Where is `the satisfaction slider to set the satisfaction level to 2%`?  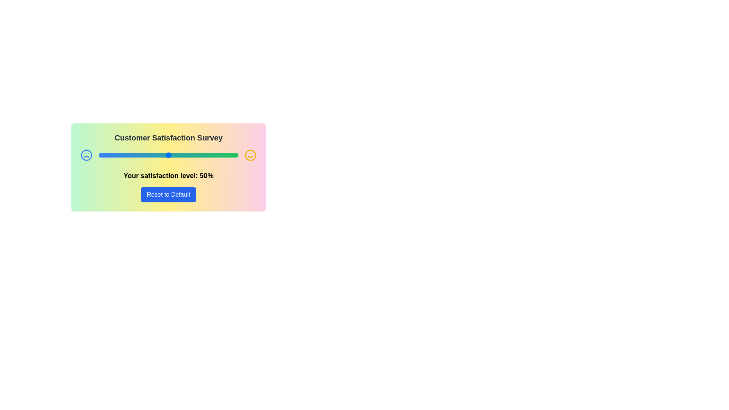 the satisfaction slider to set the satisfaction level to 2% is located at coordinates (101, 155).